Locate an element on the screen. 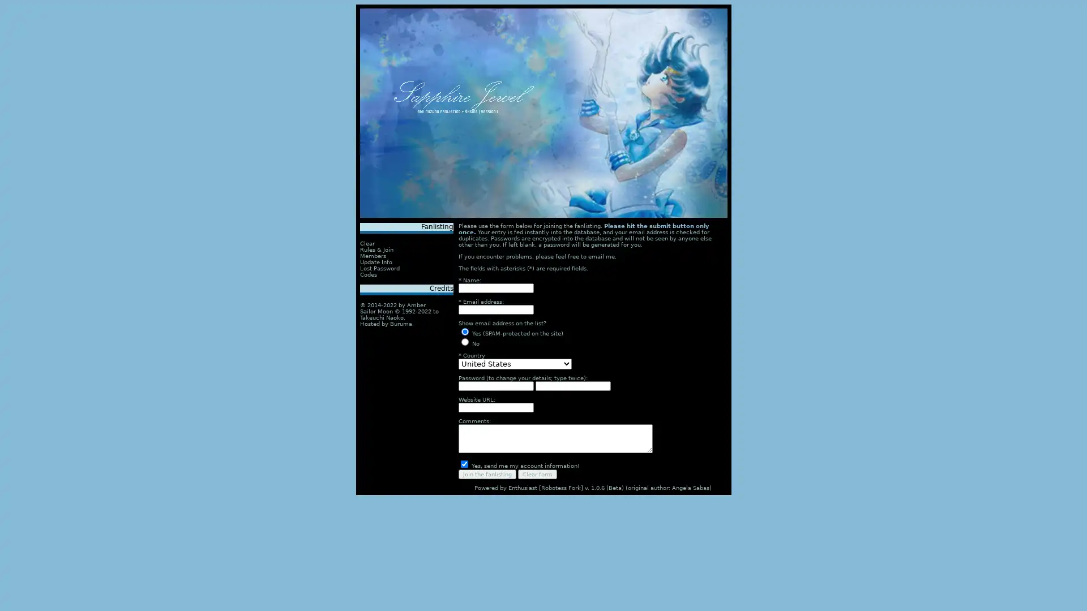 This screenshot has height=611, width=1087. Join the fanlisting is located at coordinates (487, 474).